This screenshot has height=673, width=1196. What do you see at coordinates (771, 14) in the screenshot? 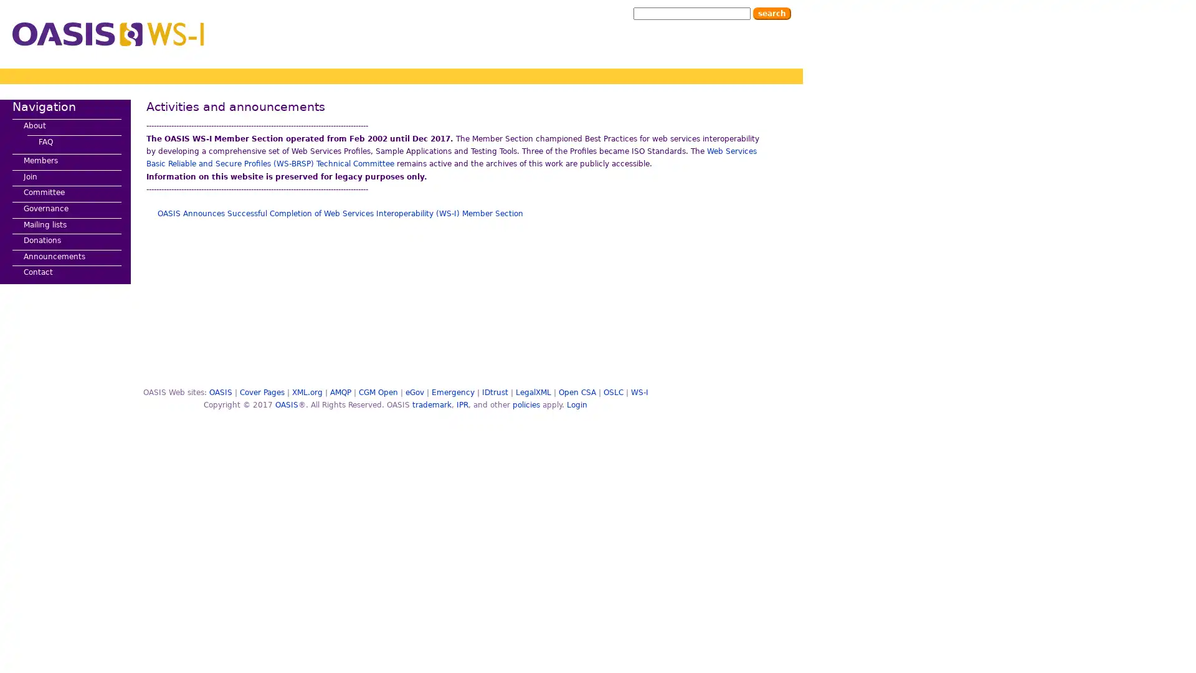
I see `Search` at bounding box center [771, 14].